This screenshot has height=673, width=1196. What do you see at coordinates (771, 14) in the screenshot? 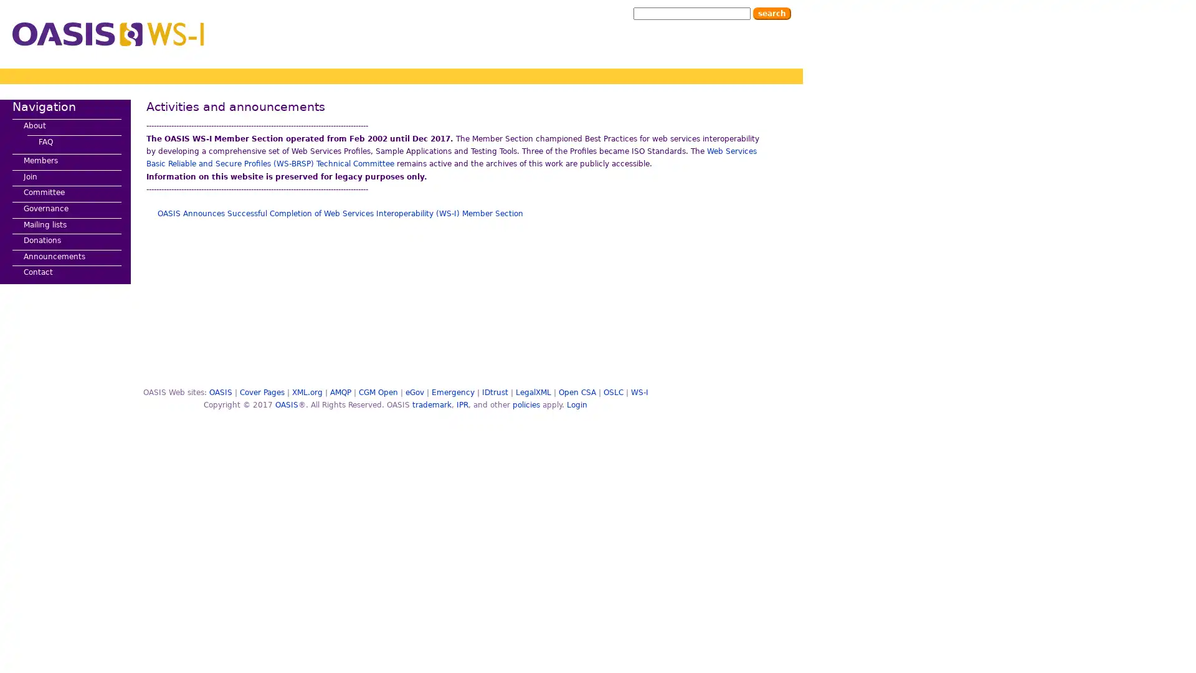
I see `Search` at bounding box center [771, 14].